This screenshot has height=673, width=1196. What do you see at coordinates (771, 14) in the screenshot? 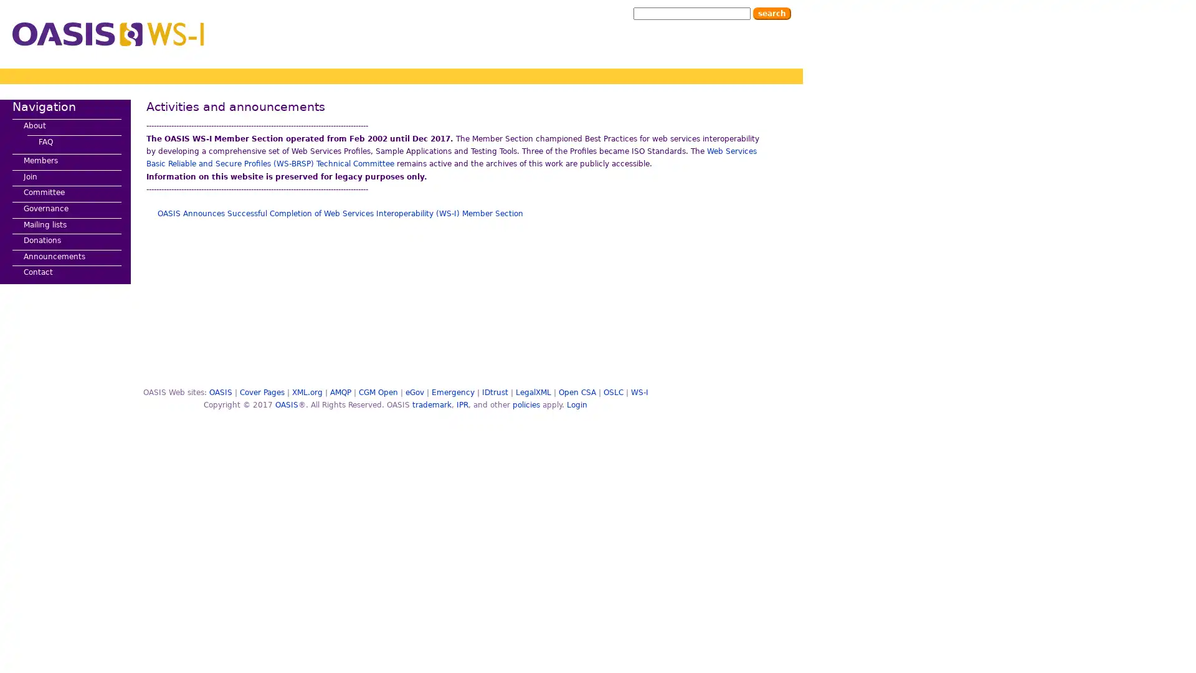
I see `Search` at bounding box center [771, 14].